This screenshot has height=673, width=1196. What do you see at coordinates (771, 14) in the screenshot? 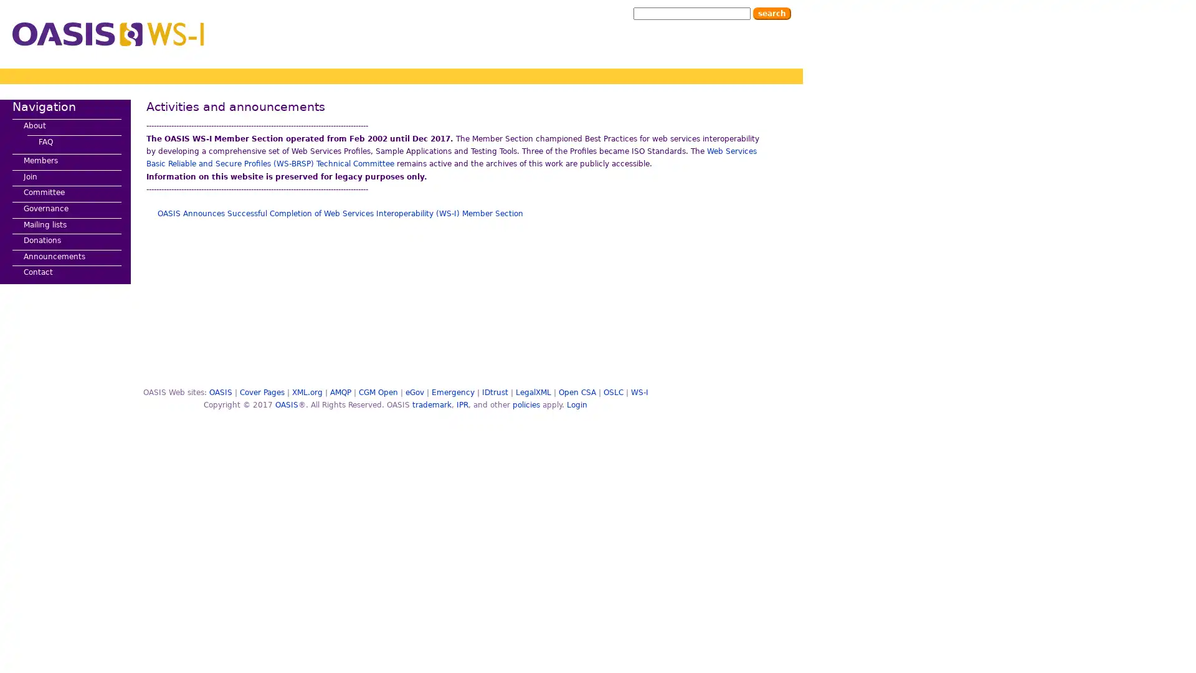
I see `Search` at bounding box center [771, 14].